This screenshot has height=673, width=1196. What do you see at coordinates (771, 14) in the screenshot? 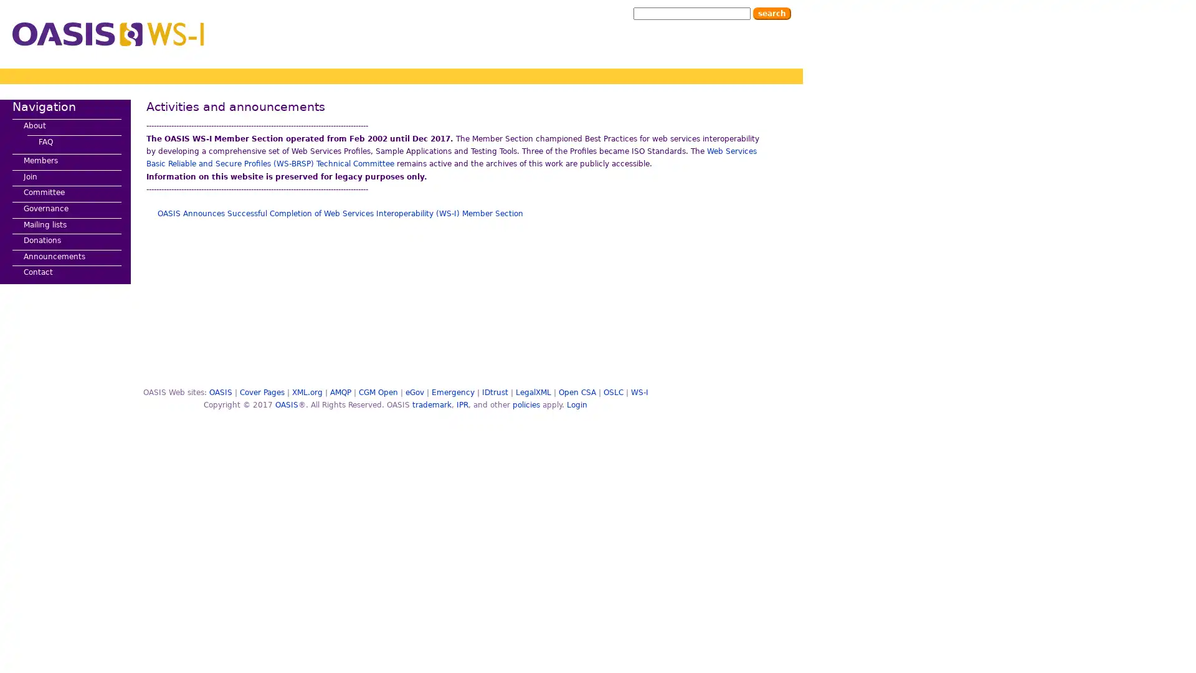
I see `Search` at bounding box center [771, 14].